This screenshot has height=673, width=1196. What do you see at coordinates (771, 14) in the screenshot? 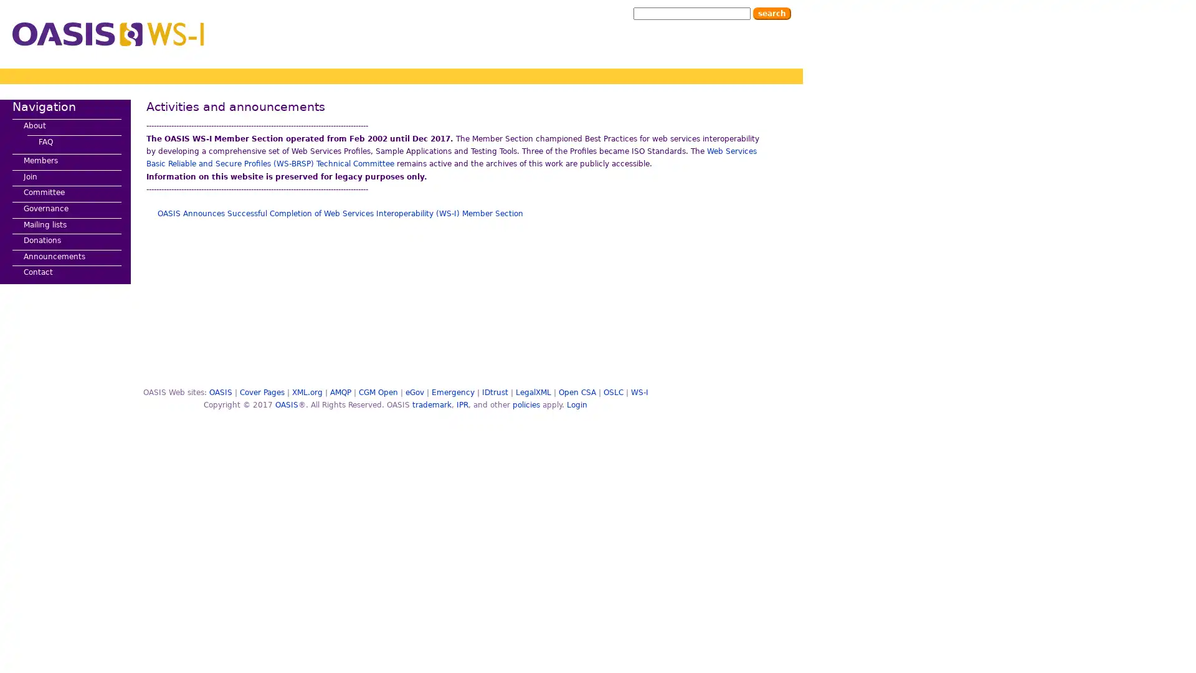
I see `Search` at bounding box center [771, 14].